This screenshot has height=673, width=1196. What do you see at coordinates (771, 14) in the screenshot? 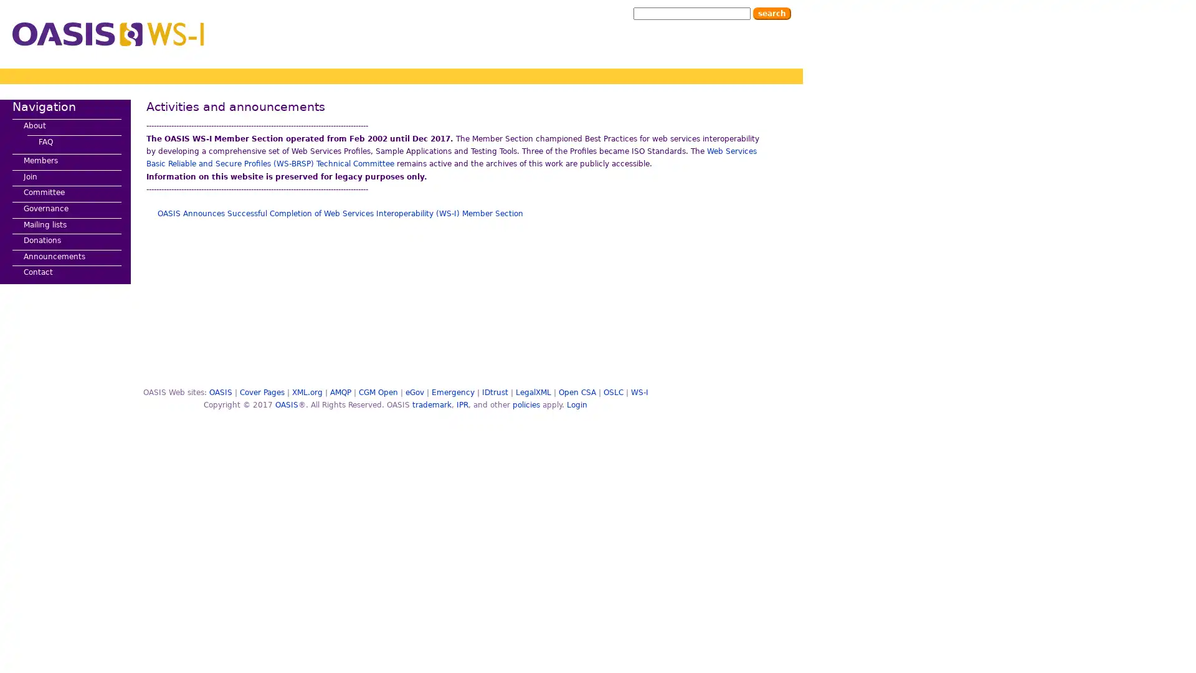
I see `Search` at bounding box center [771, 14].